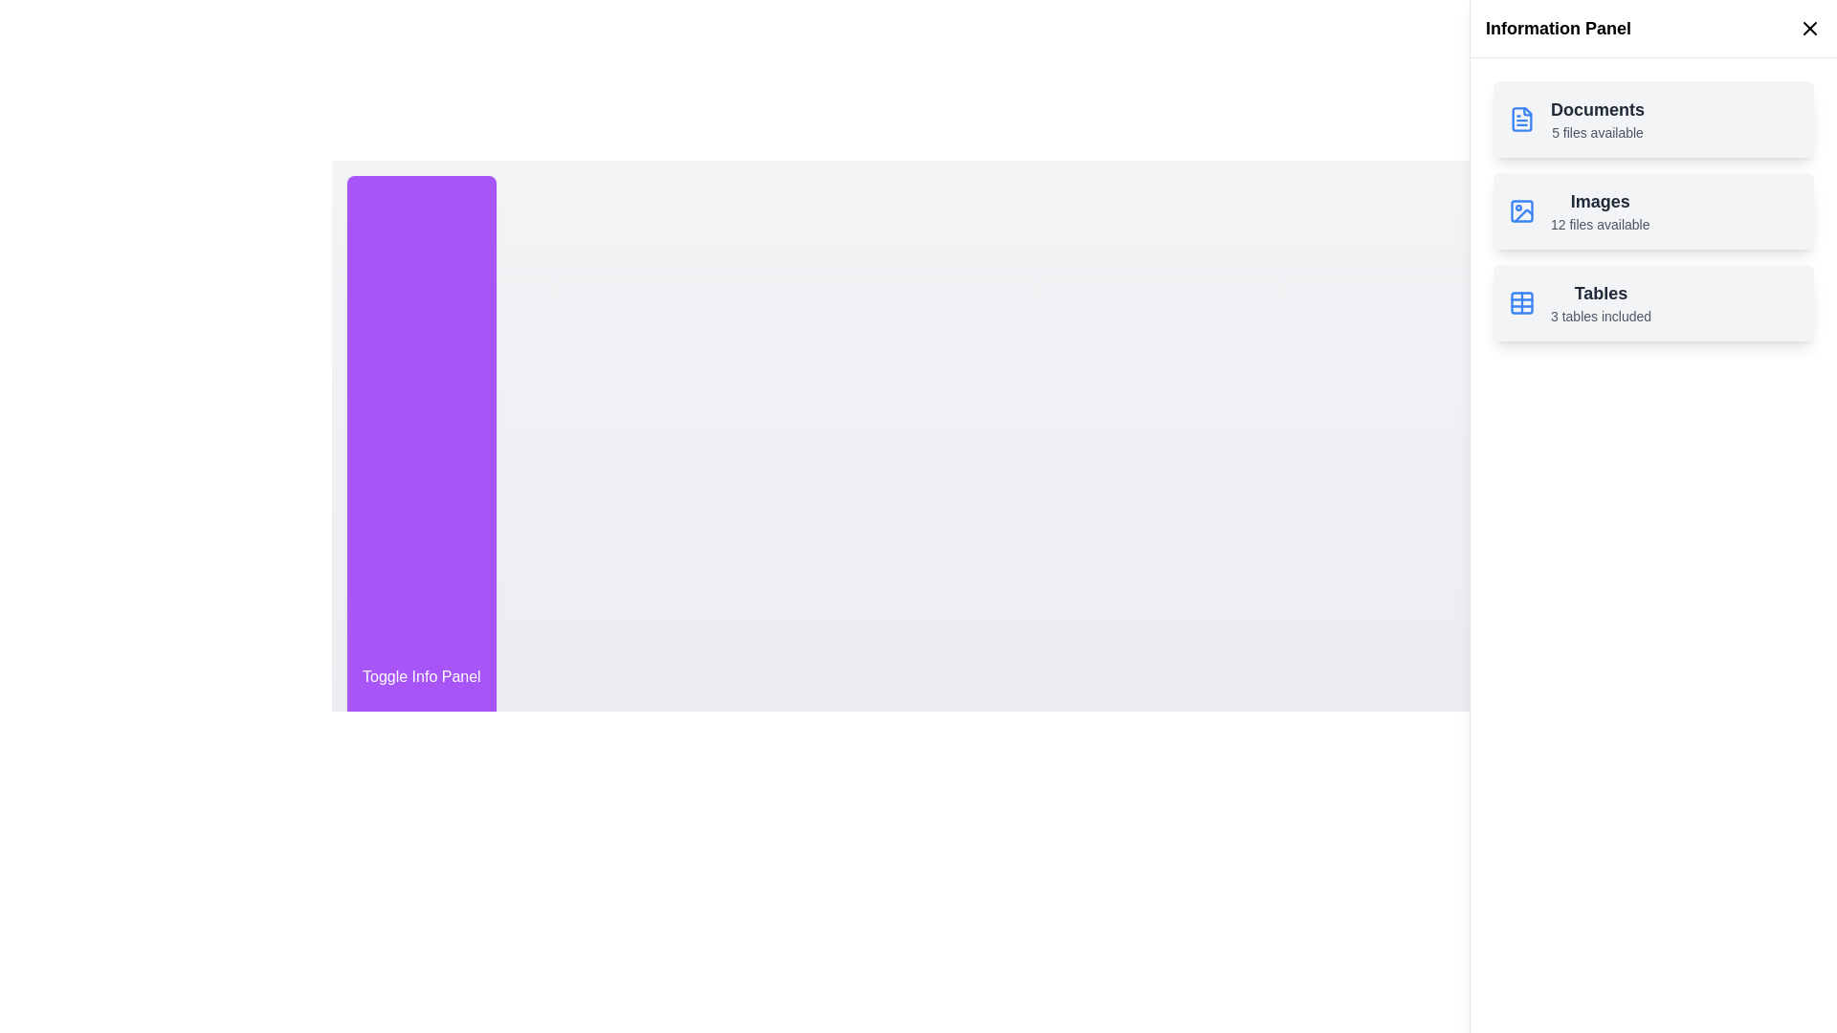 The image size is (1837, 1033). Describe the element at coordinates (420, 676) in the screenshot. I see `the 'Toggle Info Panel' button to toggle the visibility of the InfoDrawer` at that location.